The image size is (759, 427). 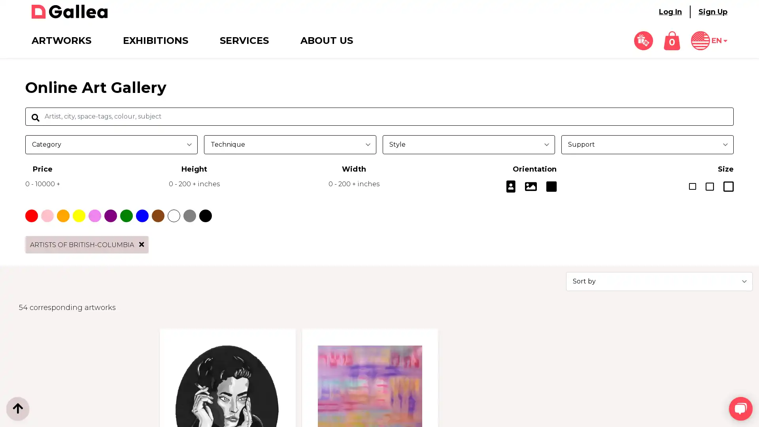 What do you see at coordinates (671, 41) in the screenshot?
I see `0` at bounding box center [671, 41].